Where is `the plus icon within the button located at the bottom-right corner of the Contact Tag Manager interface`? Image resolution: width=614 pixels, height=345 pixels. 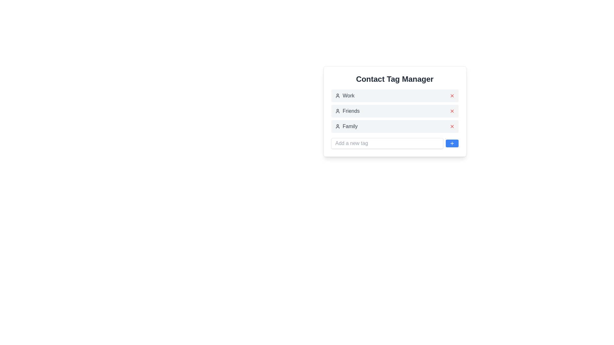
the plus icon within the button located at the bottom-right corner of the Contact Tag Manager interface is located at coordinates (452, 143).